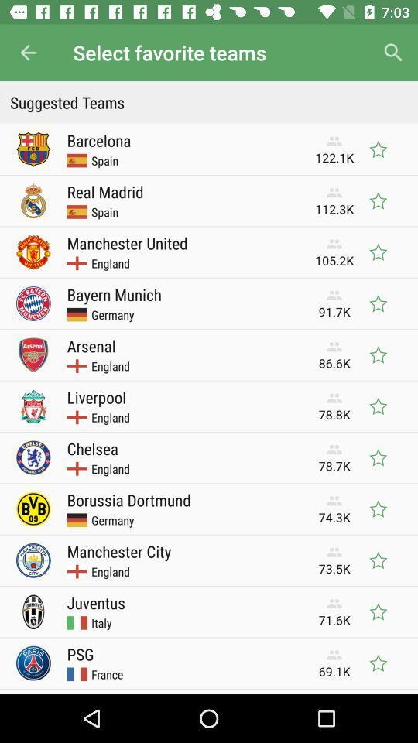 Image resolution: width=418 pixels, height=743 pixels. What do you see at coordinates (81, 653) in the screenshot?
I see `item next to the 69.1k` at bounding box center [81, 653].